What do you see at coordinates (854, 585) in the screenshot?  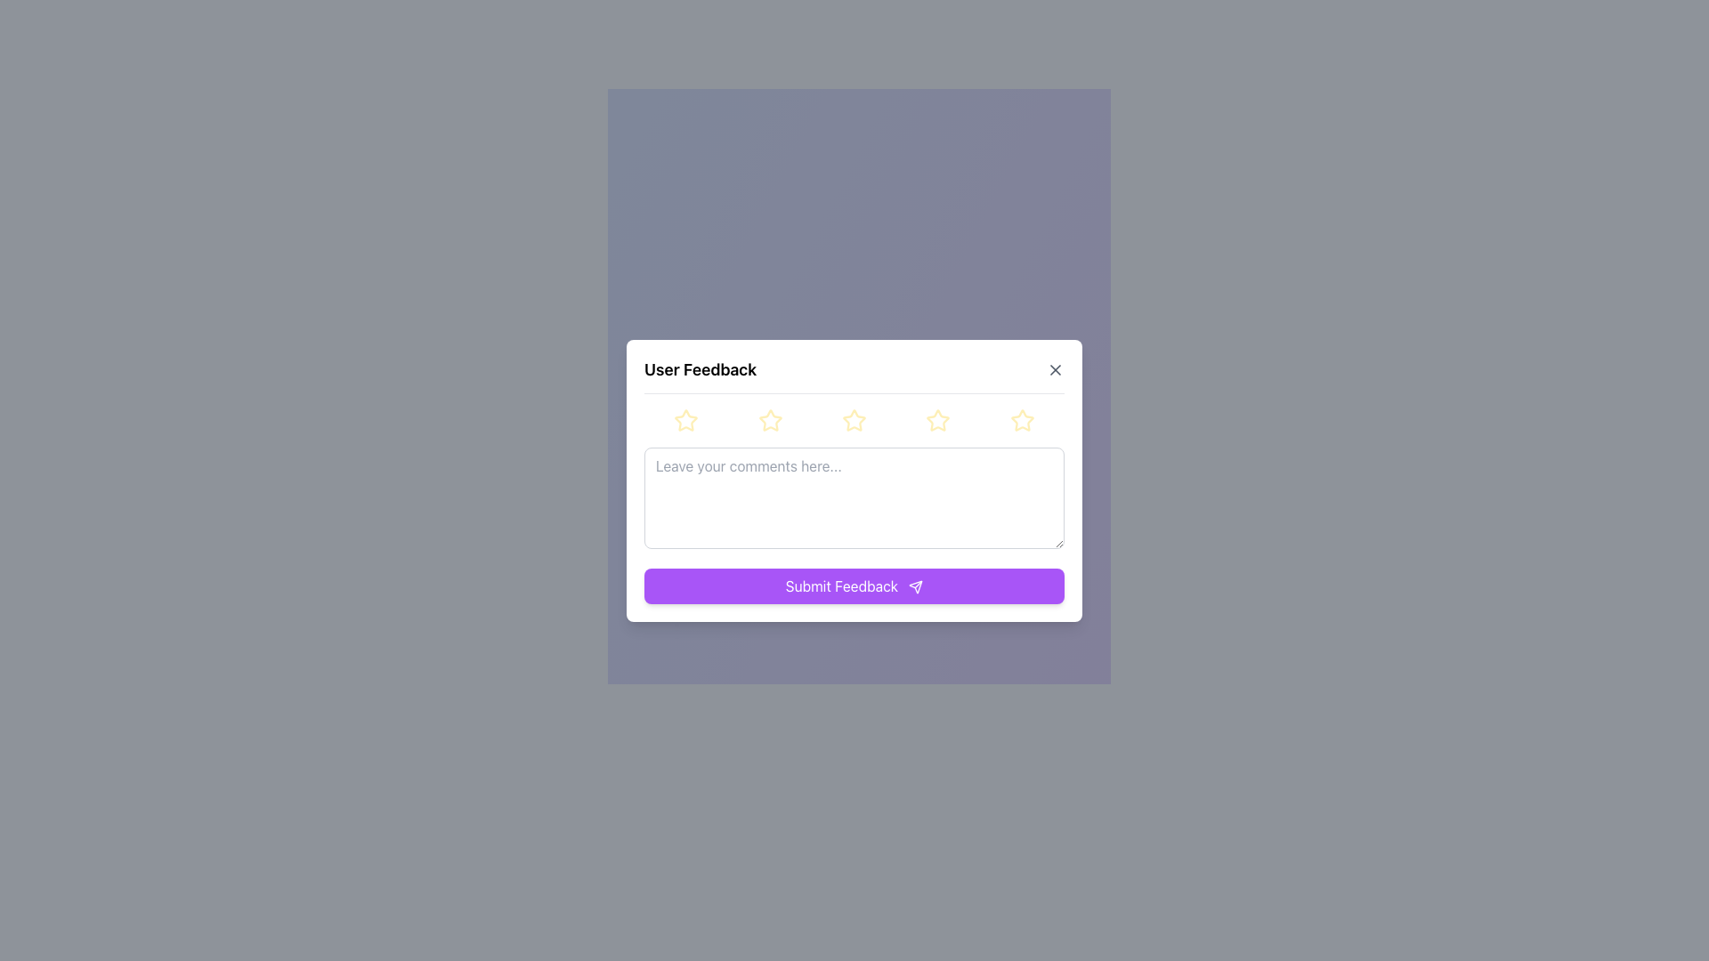 I see `the purple 'Submit Feedback' button with rounded corners located at the bottom of the feedback form` at bounding box center [854, 585].